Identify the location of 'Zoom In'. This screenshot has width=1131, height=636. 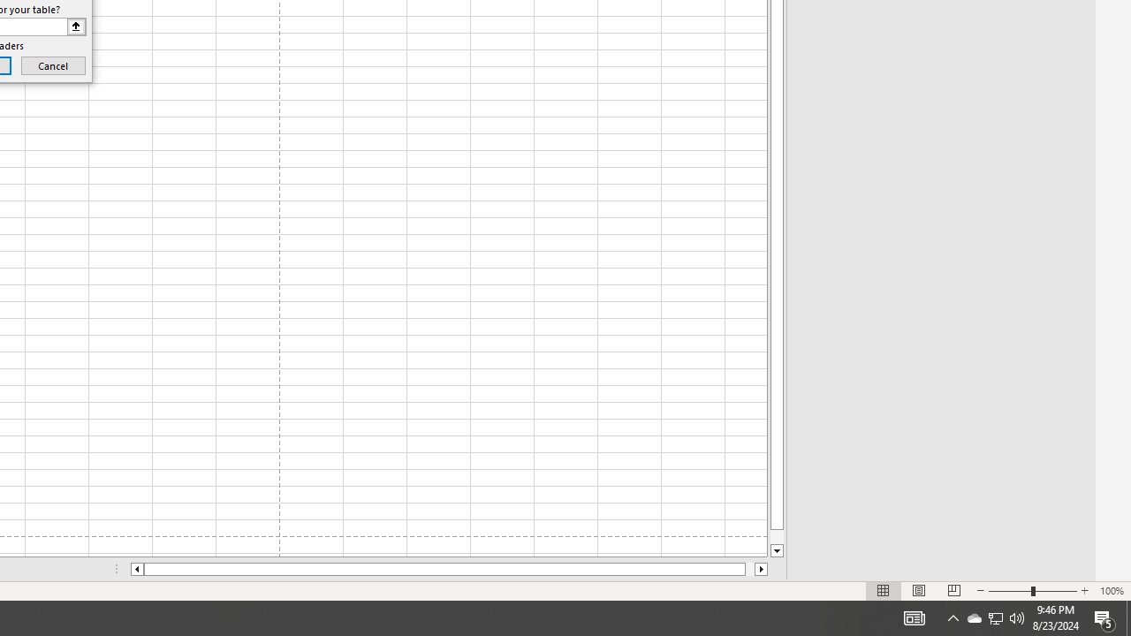
(1083, 591).